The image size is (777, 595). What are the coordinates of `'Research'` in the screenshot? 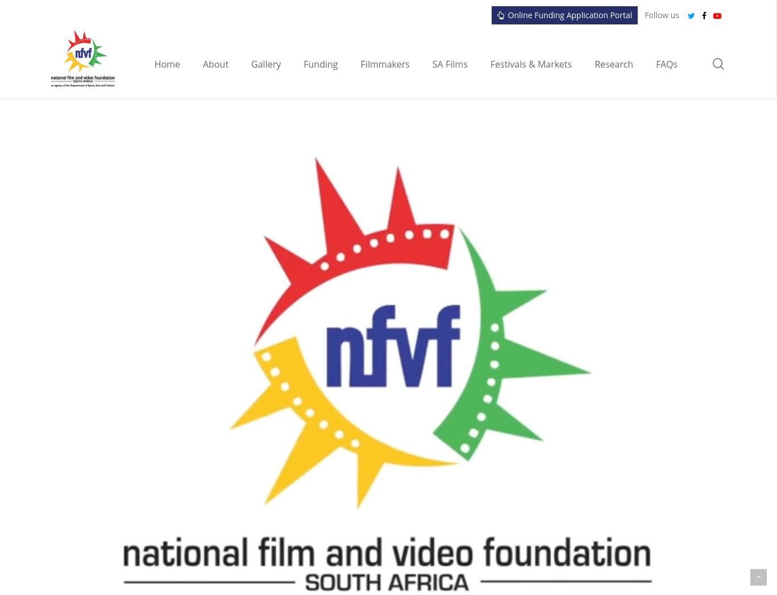 It's located at (613, 63).